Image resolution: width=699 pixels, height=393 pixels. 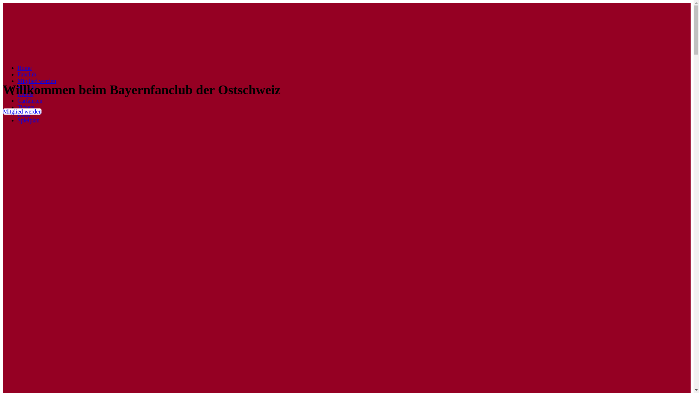 What do you see at coordinates (36, 81) in the screenshot?
I see `'Mitglied werden'` at bounding box center [36, 81].